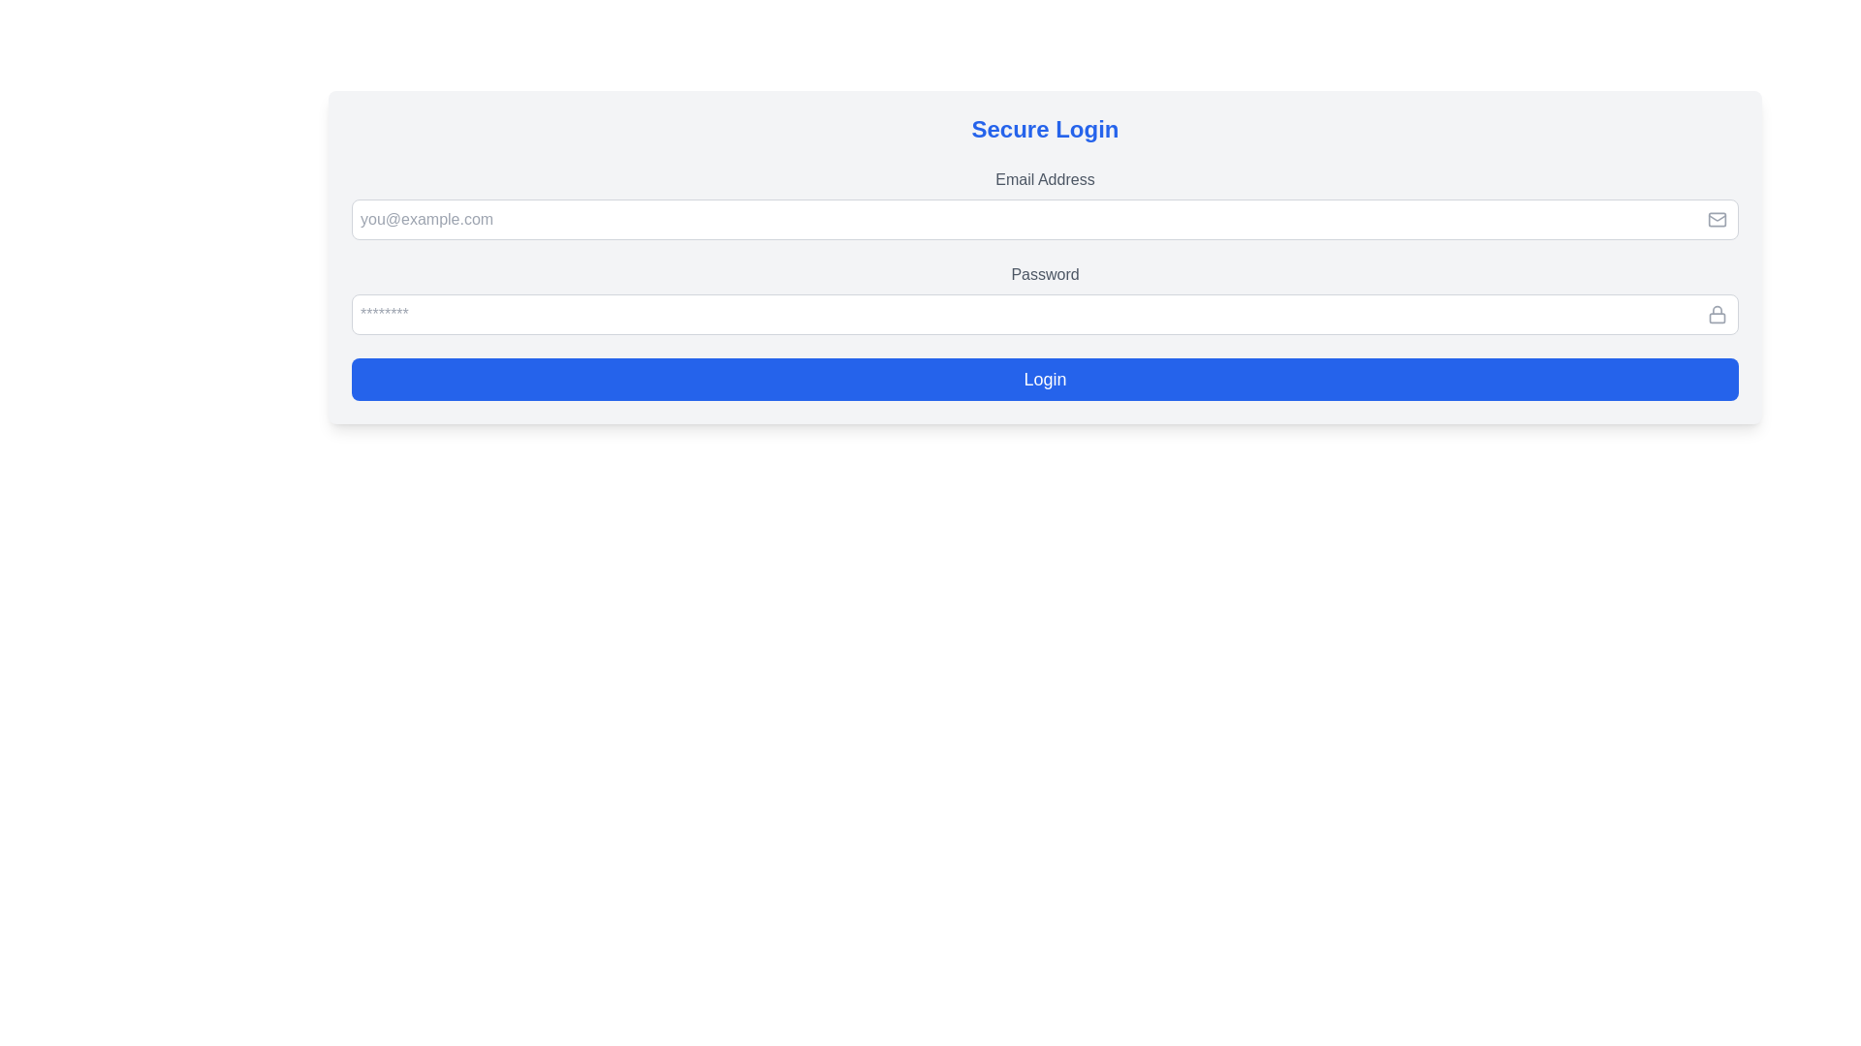  I want to click on the decorative SVG element that is a rectangular outline within an envelope-shaped icon, located, so click(1717, 219).